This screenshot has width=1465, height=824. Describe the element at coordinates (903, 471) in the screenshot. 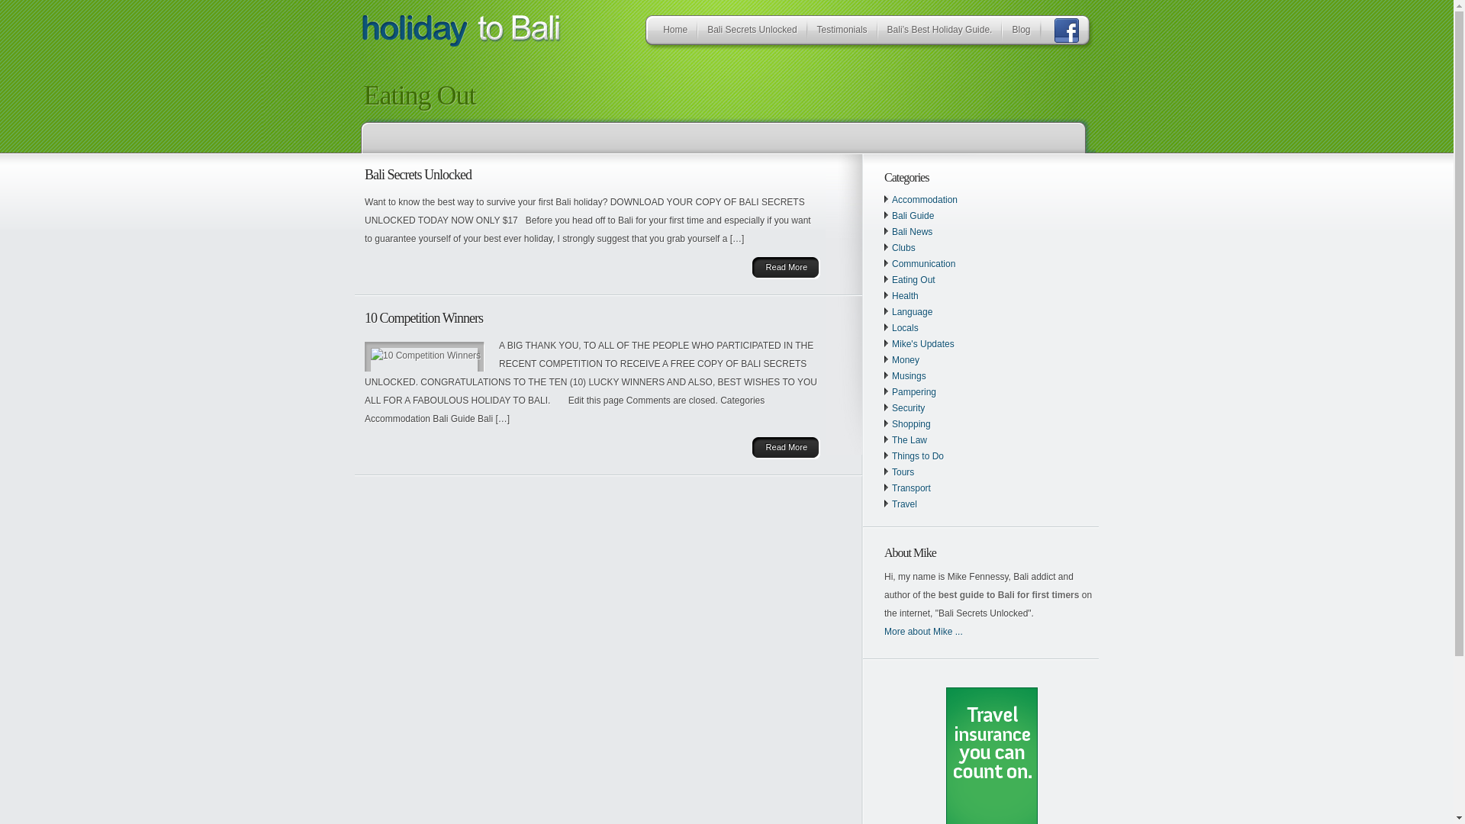

I see `'Tours'` at that location.